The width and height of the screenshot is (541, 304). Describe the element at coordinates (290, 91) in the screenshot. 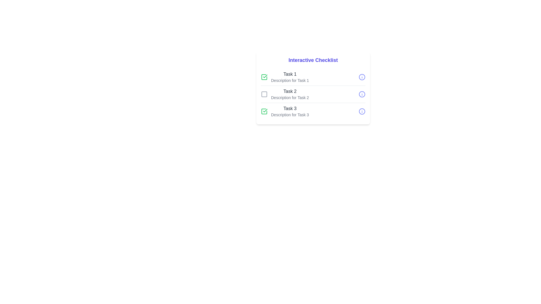

I see `the title text of Task 2 to select it` at that location.